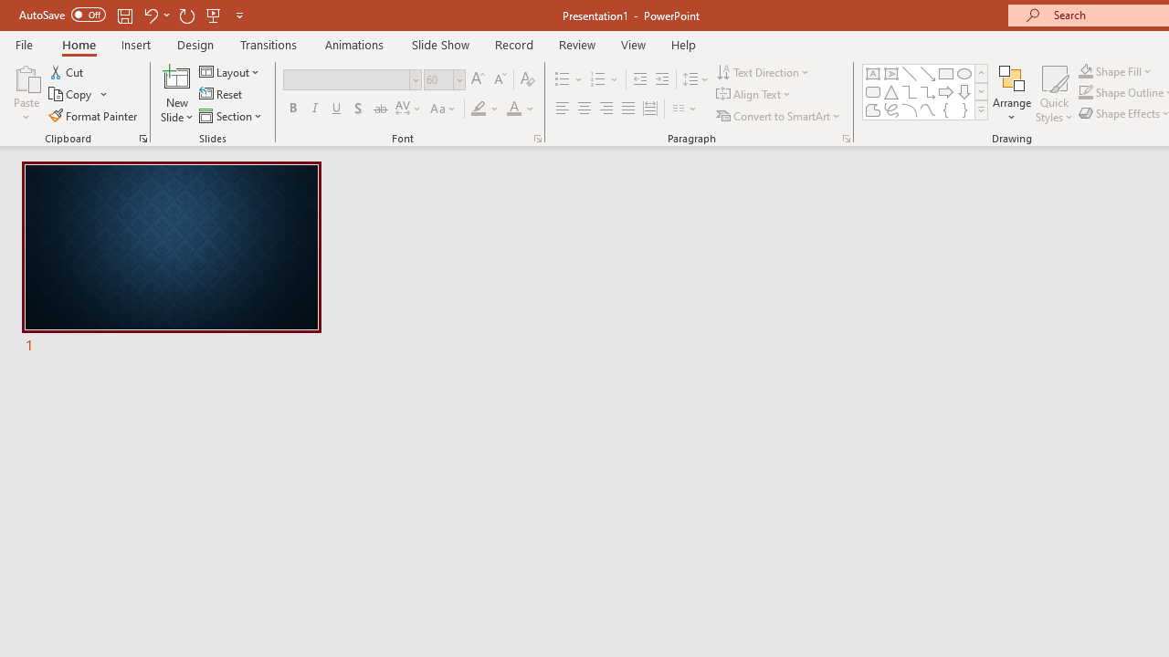 The height and width of the screenshot is (657, 1169). Describe the element at coordinates (754, 94) in the screenshot. I see `'Align Text'` at that location.